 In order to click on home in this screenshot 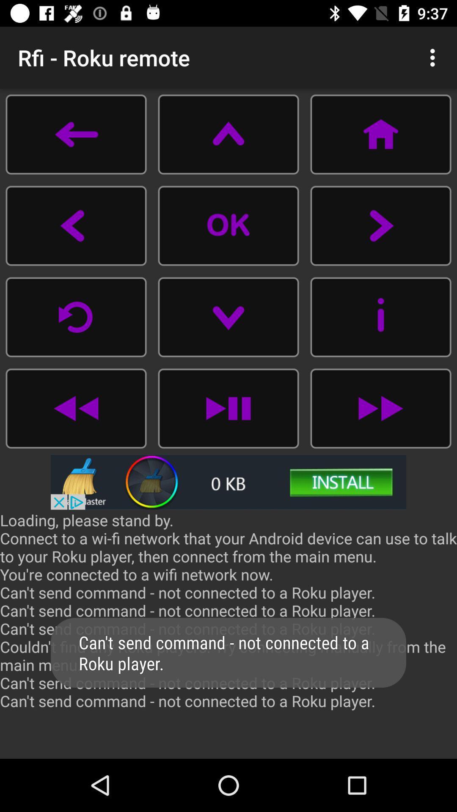, I will do `click(380, 134)`.